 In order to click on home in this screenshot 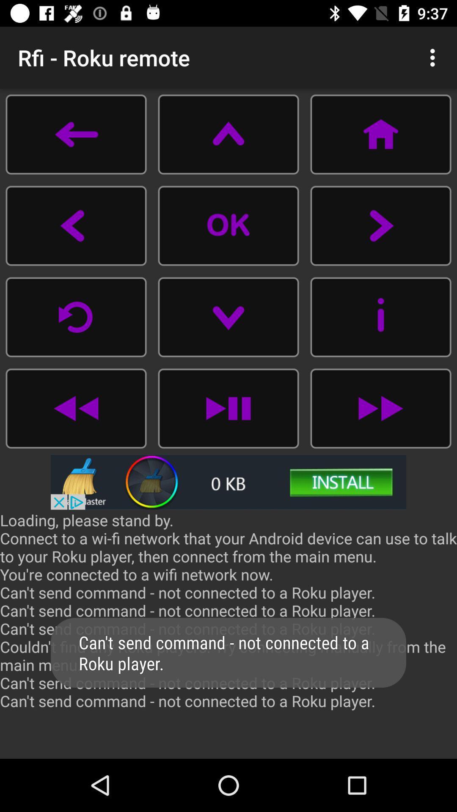, I will do `click(380, 134)`.